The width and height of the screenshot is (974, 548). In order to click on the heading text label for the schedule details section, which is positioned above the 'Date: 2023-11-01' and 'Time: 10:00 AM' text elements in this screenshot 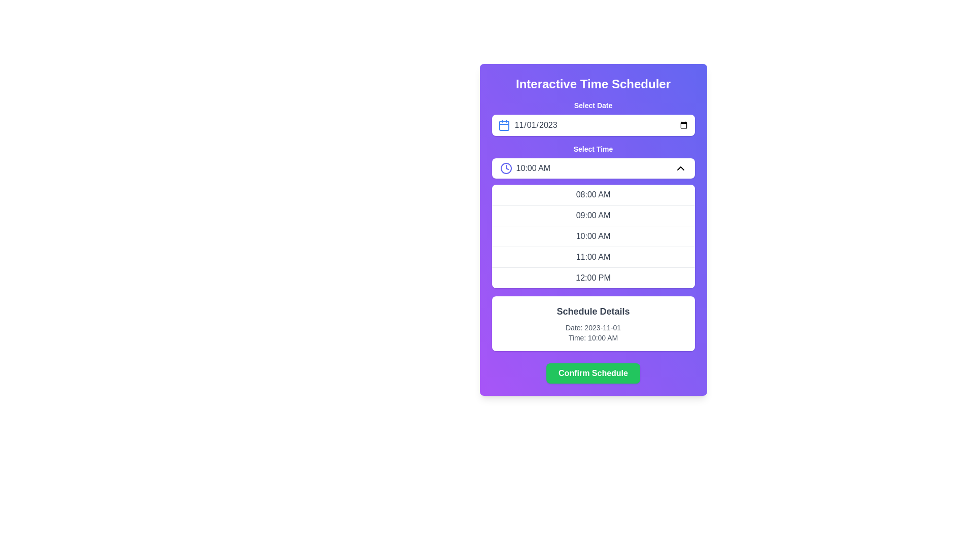, I will do `click(593, 311)`.